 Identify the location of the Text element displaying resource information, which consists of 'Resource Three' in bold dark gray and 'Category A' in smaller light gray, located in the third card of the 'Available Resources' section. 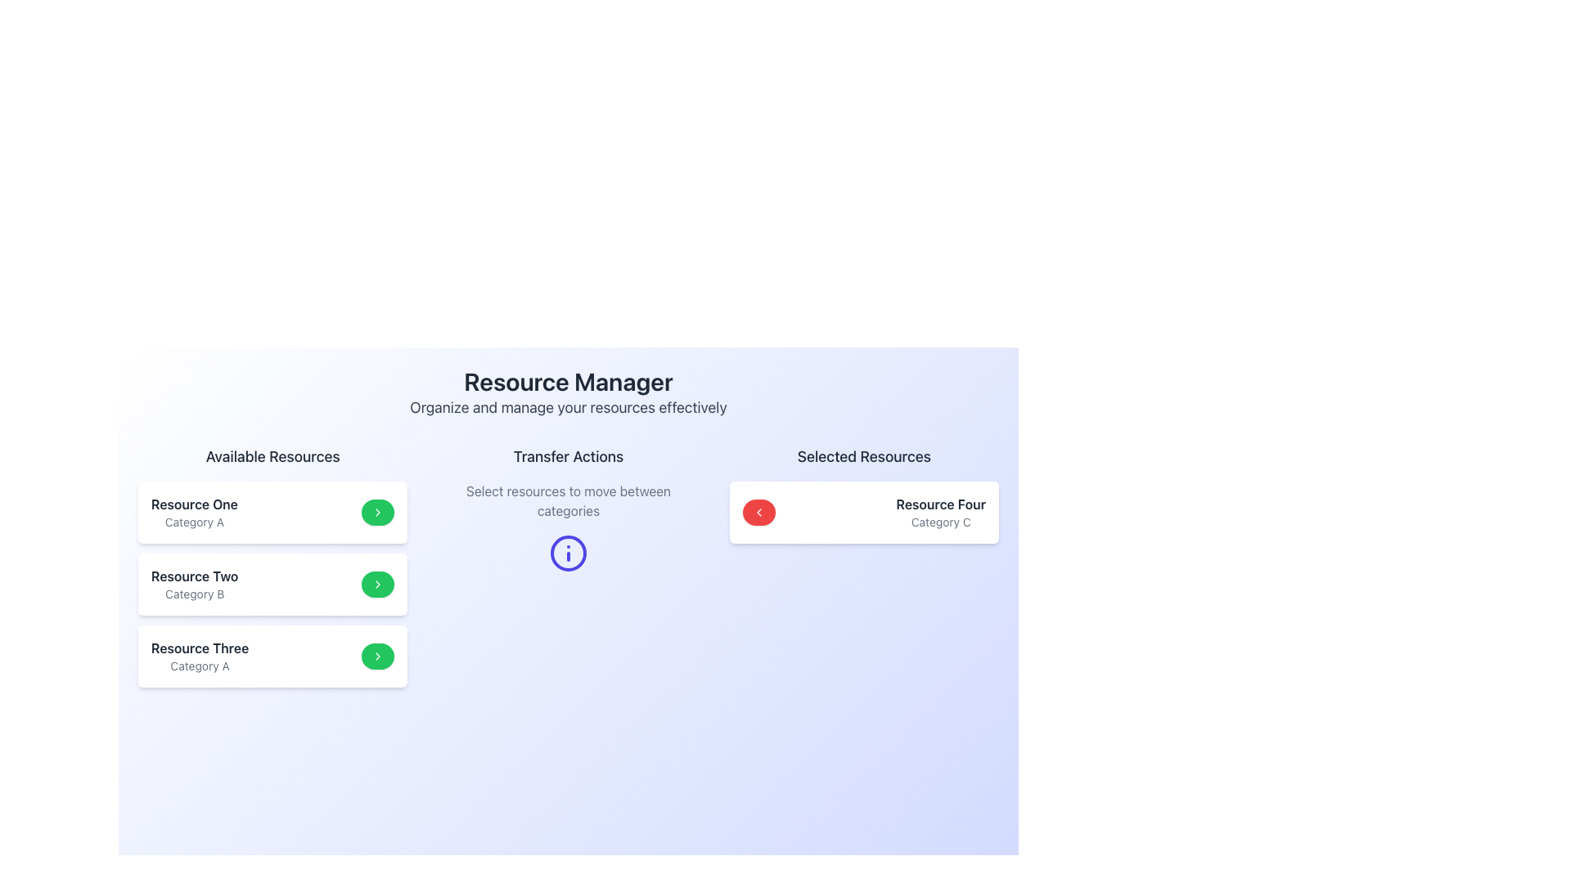
(199, 655).